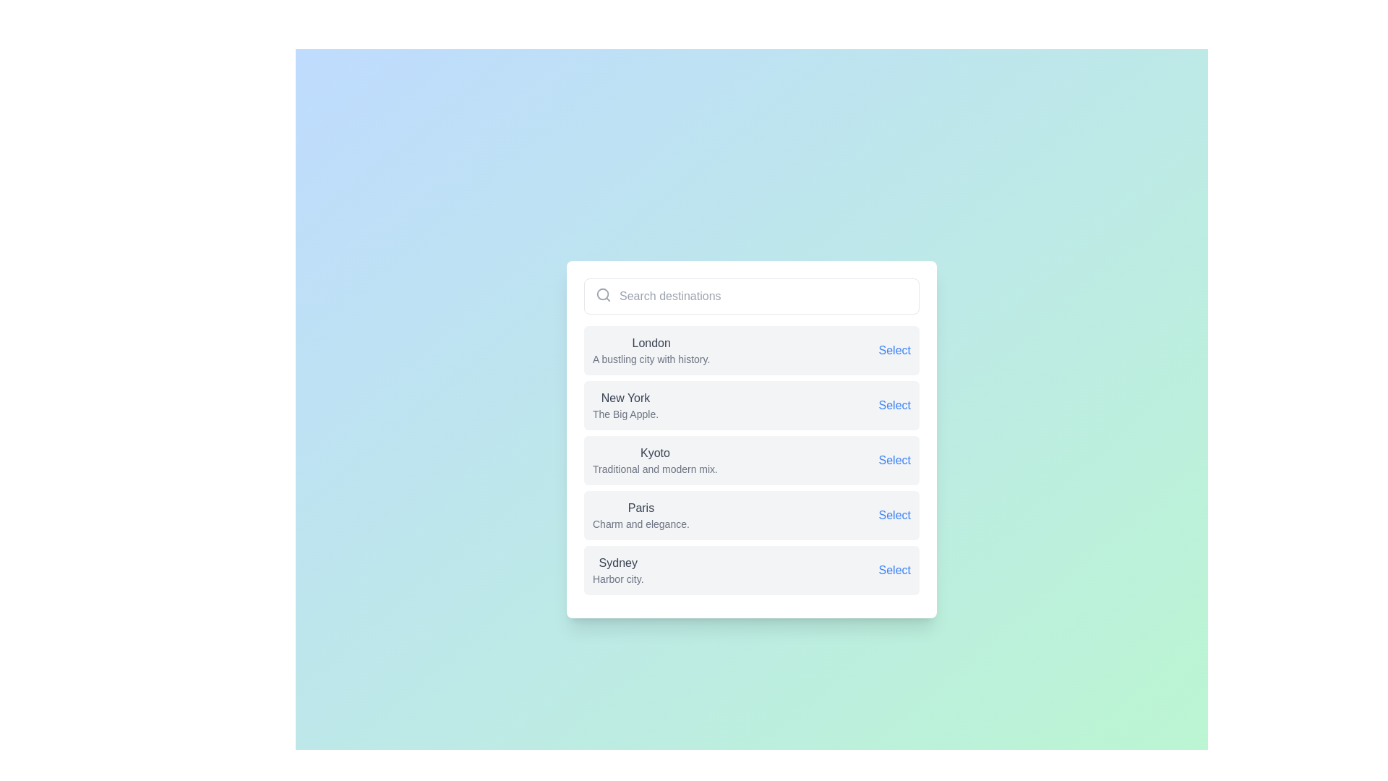  I want to click on the selection button located at the far-right side of the item labeled 'Paris', so click(894, 515).